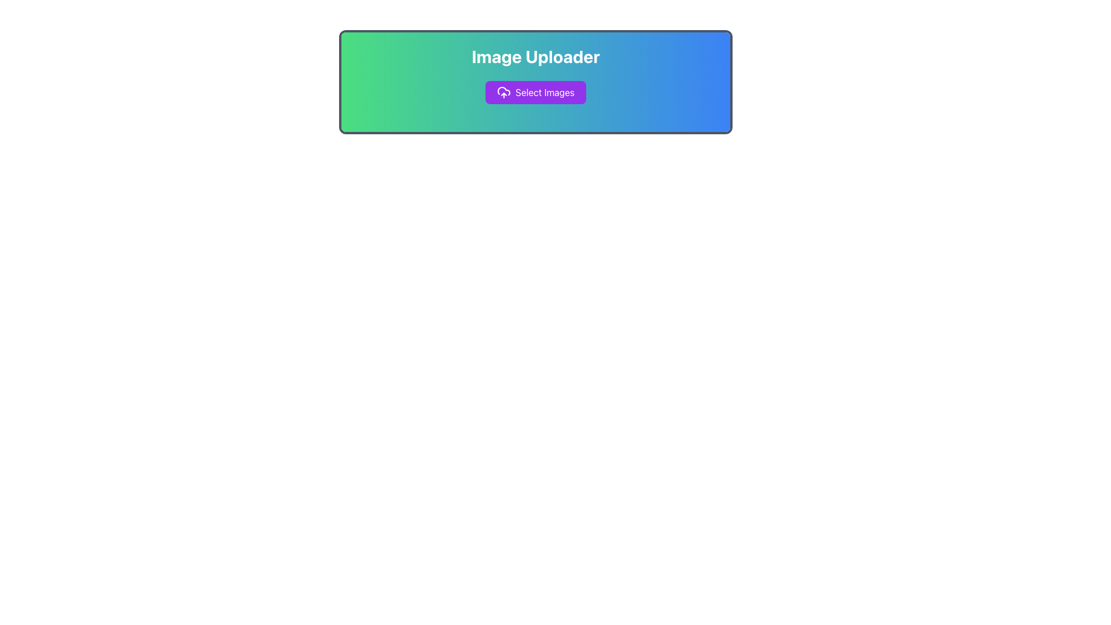 Image resolution: width=1111 pixels, height=625 pixels. What do you see at coordinates (535, 91) in the screenshot?
I see `the 'Select Images' button, which is a horizontally elongated purple button with rounded edges and an upload icon, located beneath the 'Image Uploader' text` at bounding box center [535, 91].